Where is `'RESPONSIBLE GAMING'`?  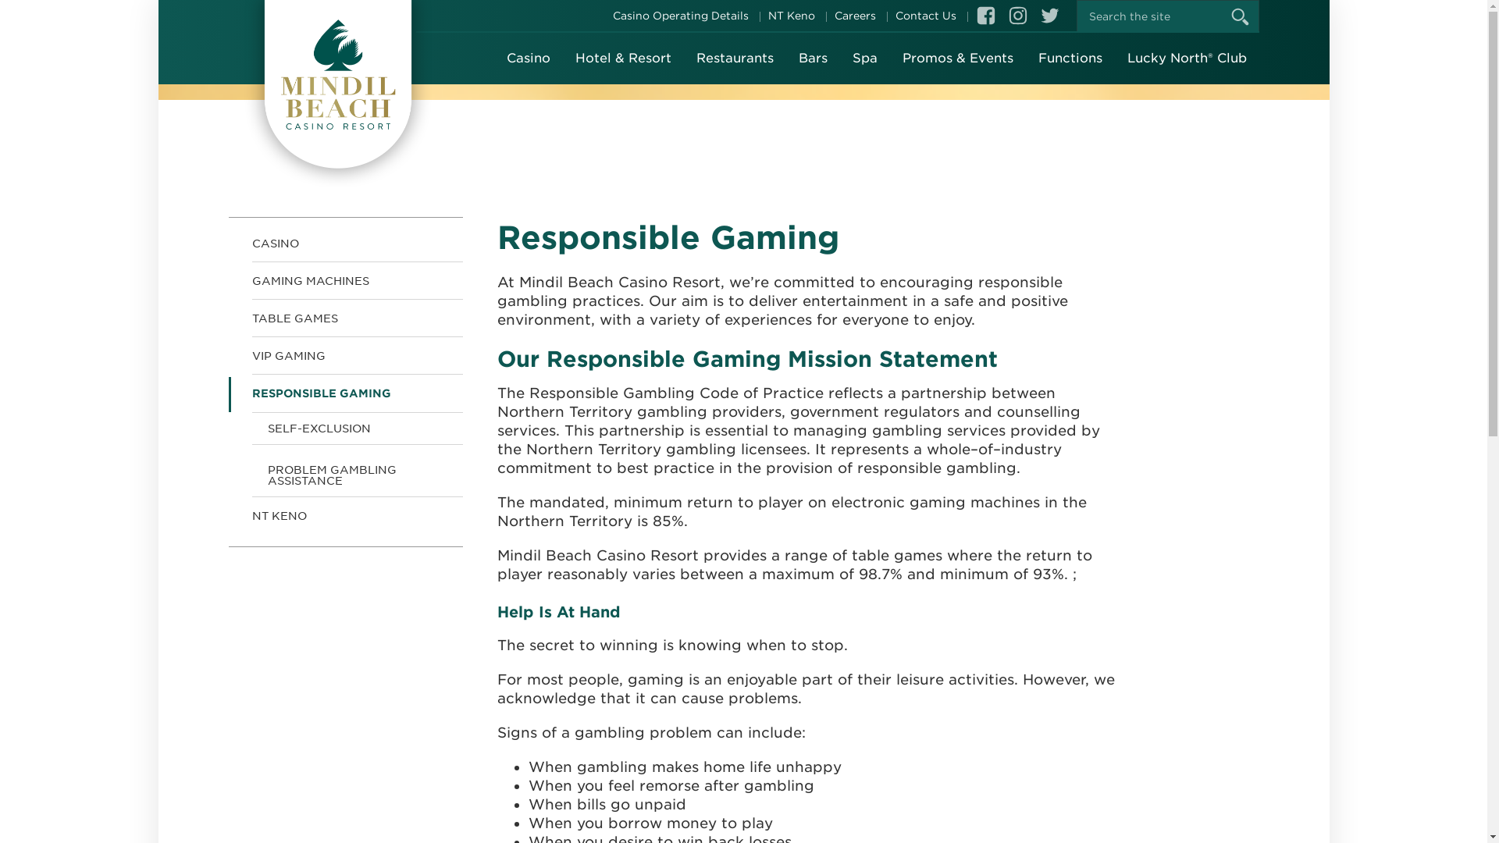 'RESPONSIBLE GAMING' is located at coordinates (344, 393).